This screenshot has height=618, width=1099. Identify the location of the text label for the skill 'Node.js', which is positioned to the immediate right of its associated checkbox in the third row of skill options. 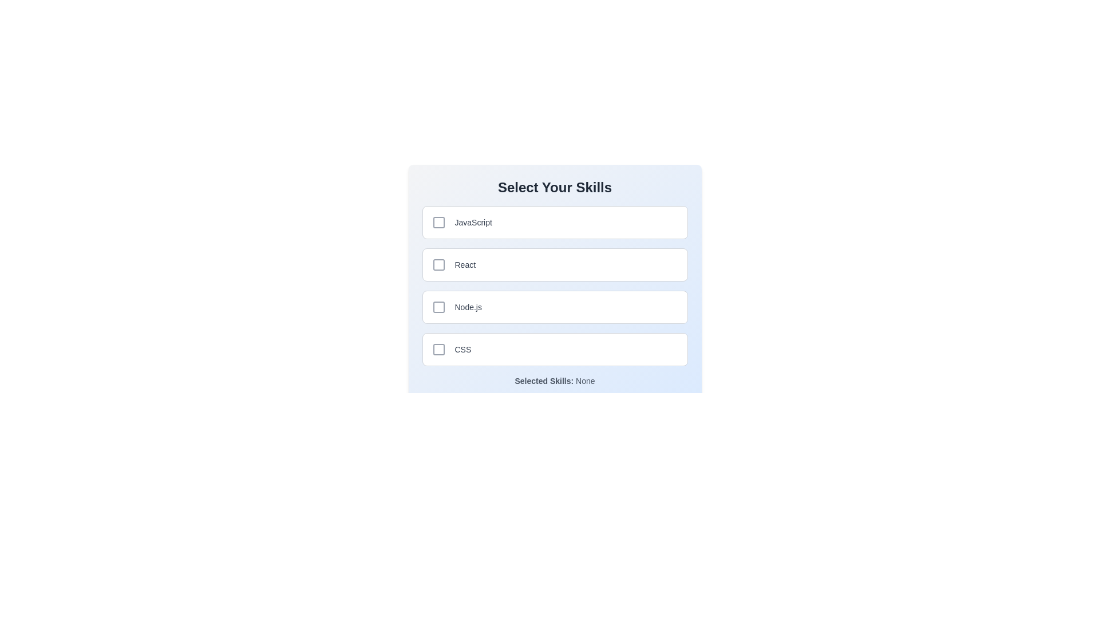
(468, 306).